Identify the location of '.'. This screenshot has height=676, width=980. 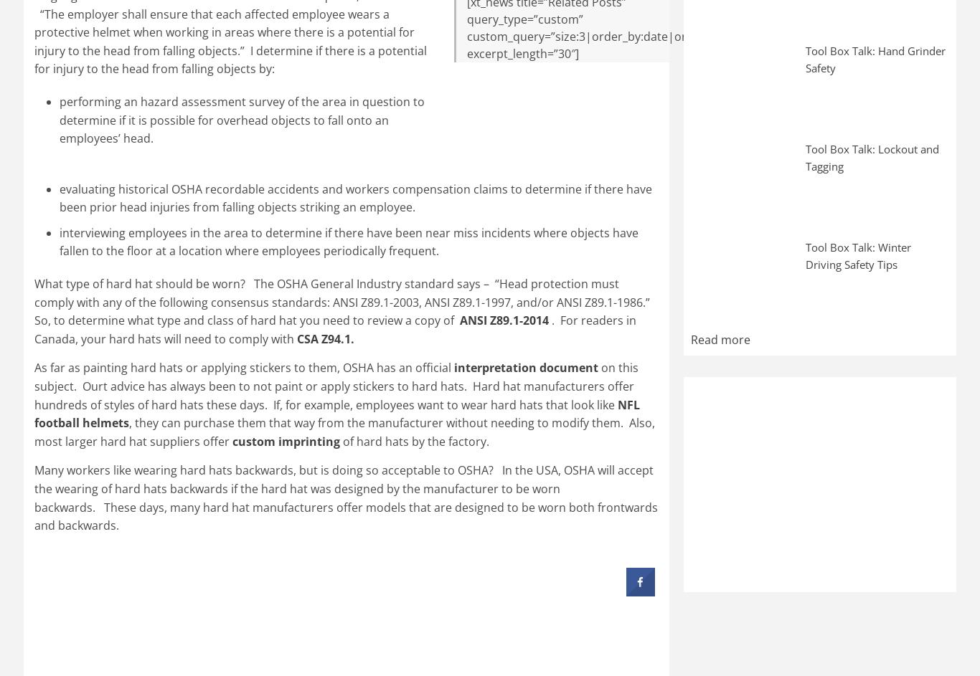
(352, 338).